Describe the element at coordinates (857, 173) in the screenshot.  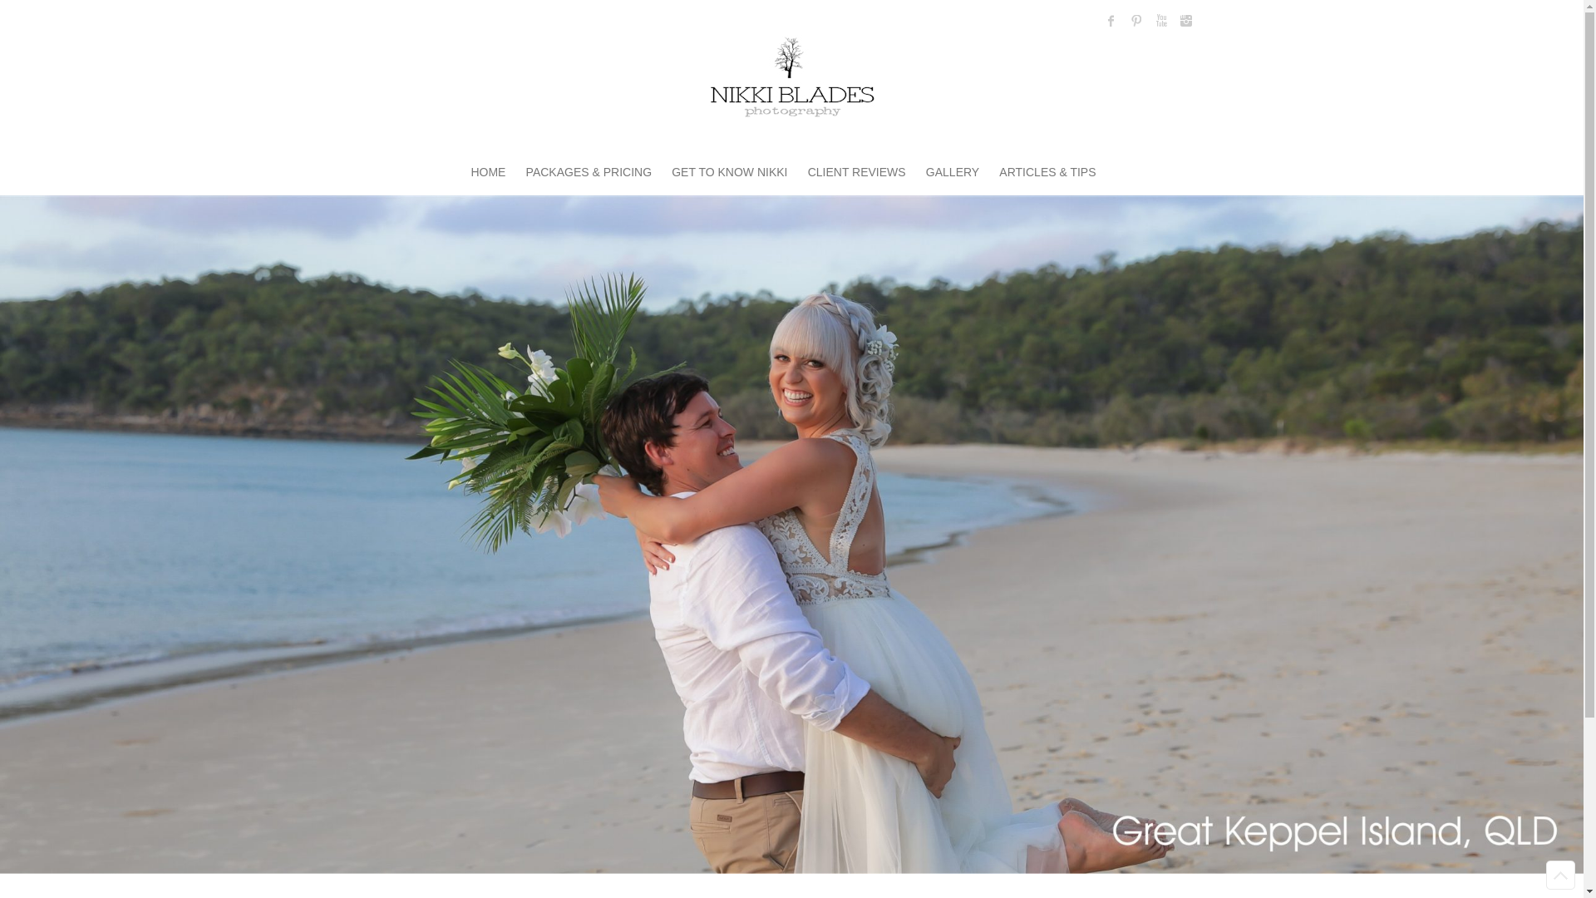
I see `'CLIENT REVIEWS'` at that location.